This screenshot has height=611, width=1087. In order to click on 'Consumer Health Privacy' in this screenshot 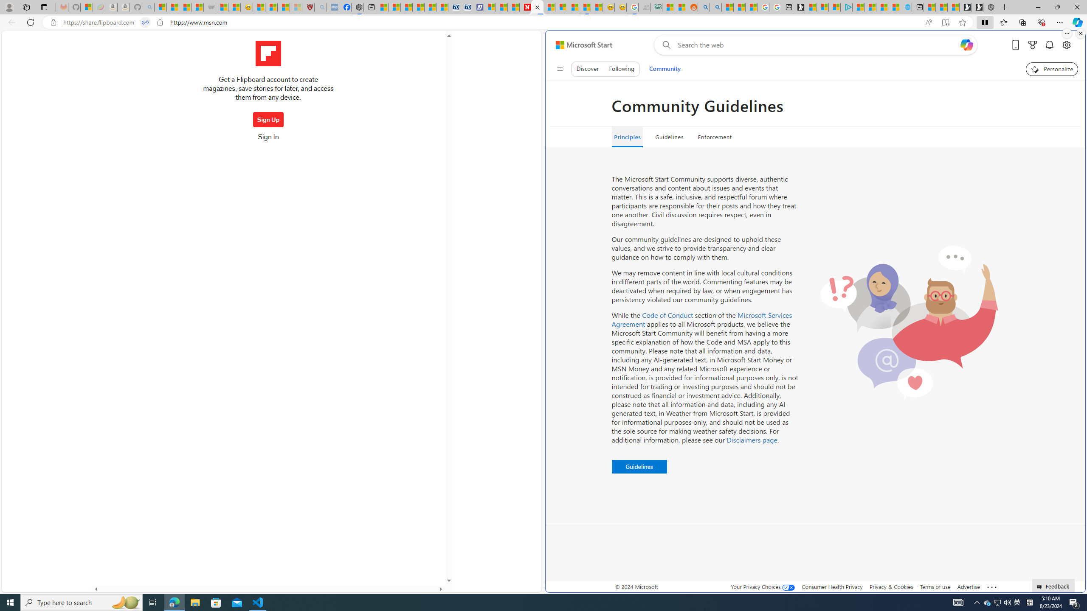, I will do `click(832, 586)`.